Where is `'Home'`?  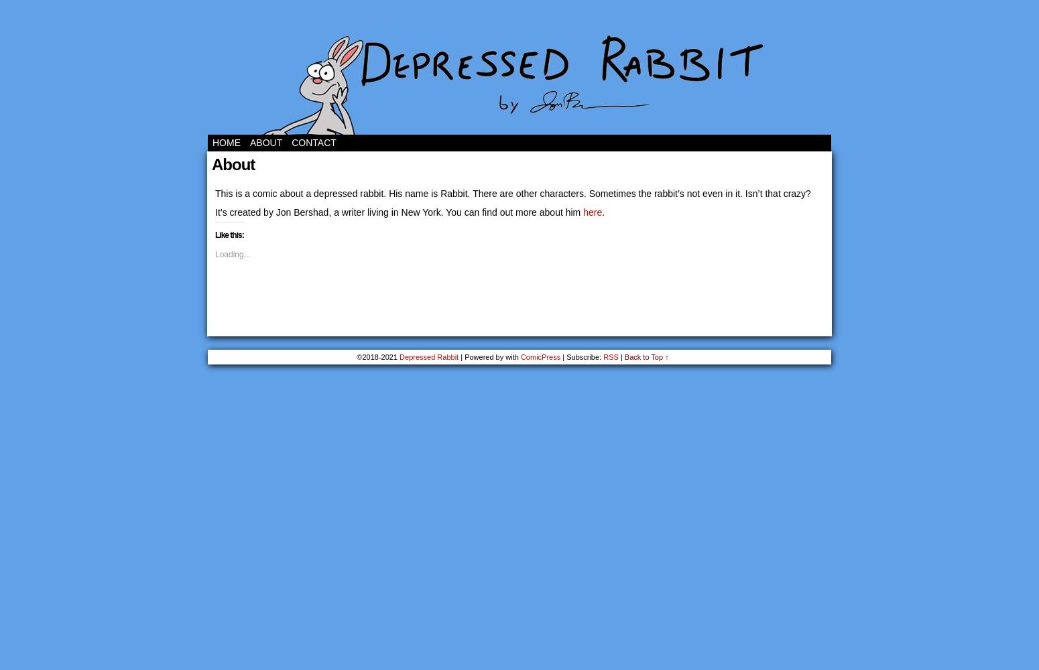 'Home' is located at coordinates (226, 142).